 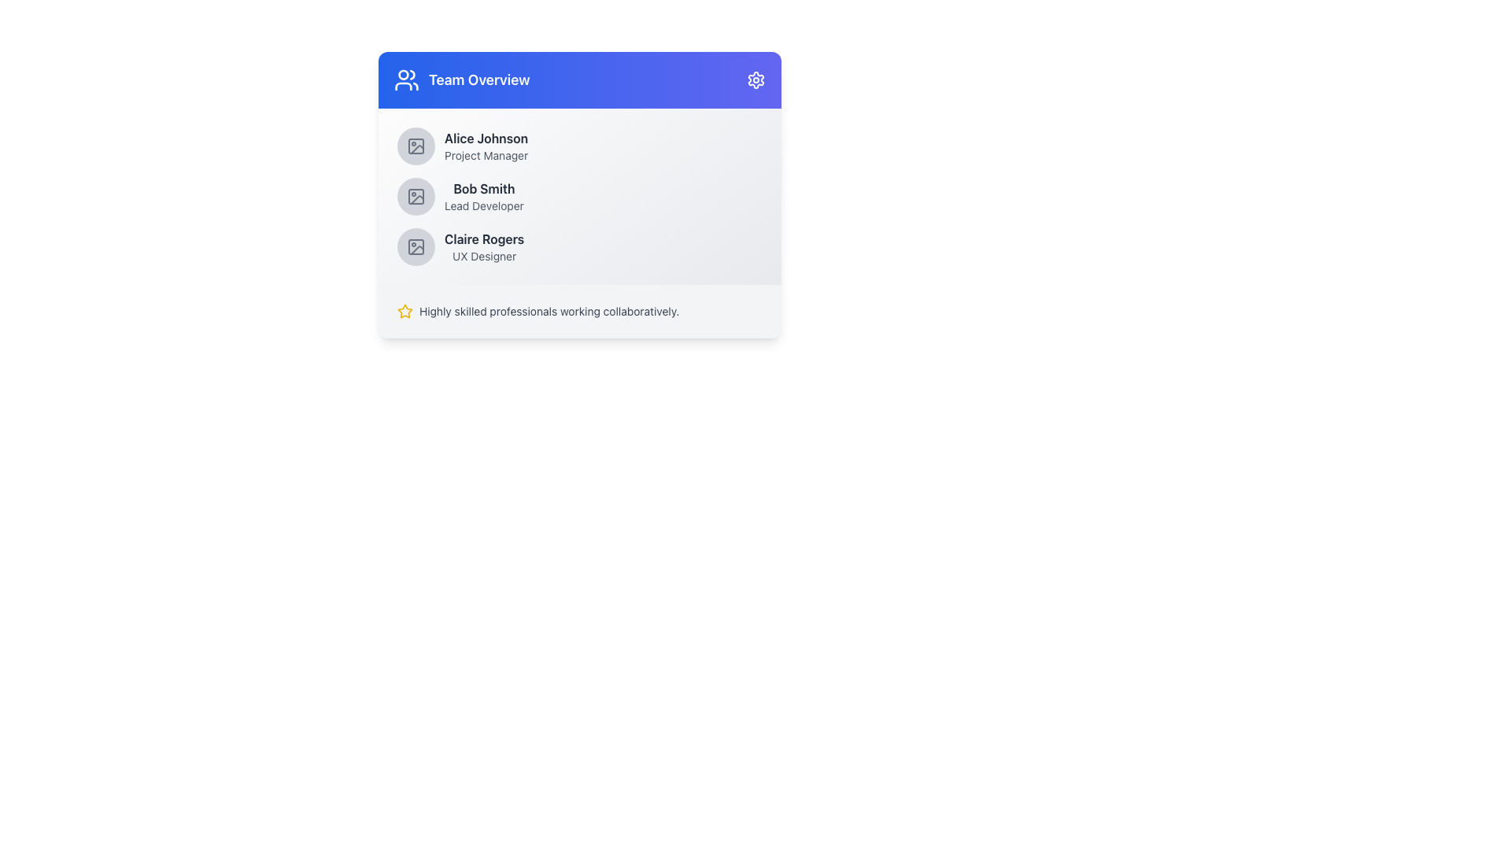 What do you see at coordinates (416, 196) in the screenshot?
I see `the profile picture icon for 'Bob Smith - Lead Developer', located in the center of the second row` at bounding box center [416, 196].